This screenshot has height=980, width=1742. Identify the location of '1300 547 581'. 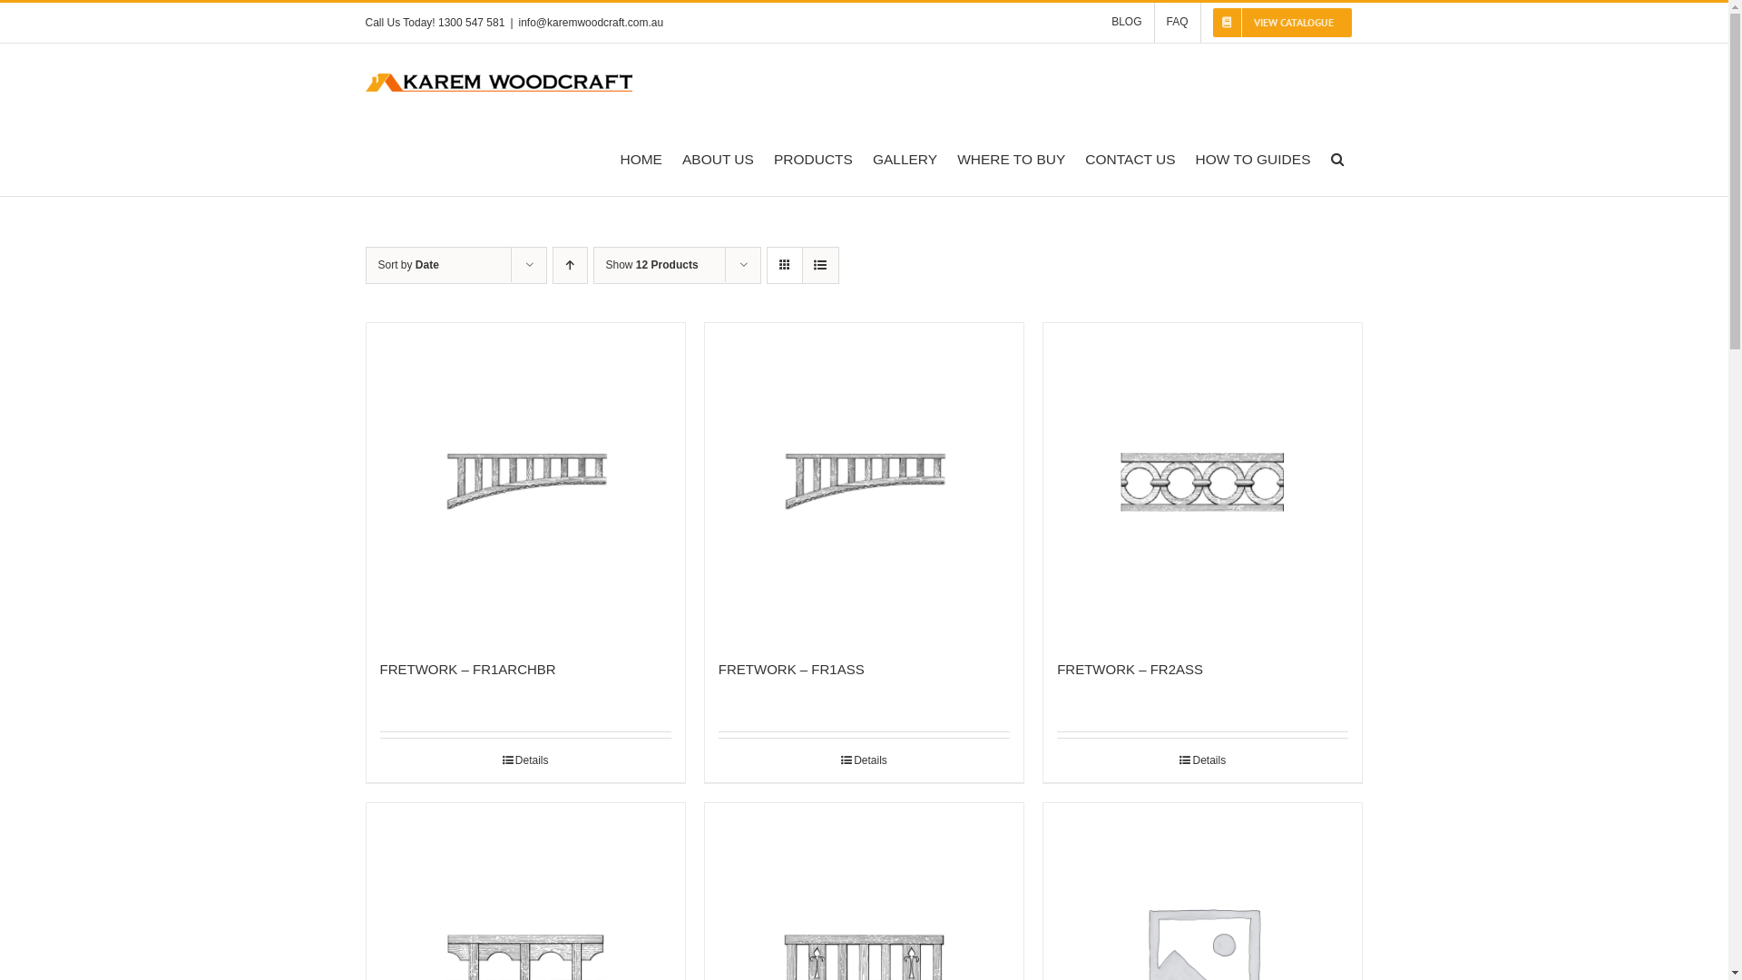
(471, 22).